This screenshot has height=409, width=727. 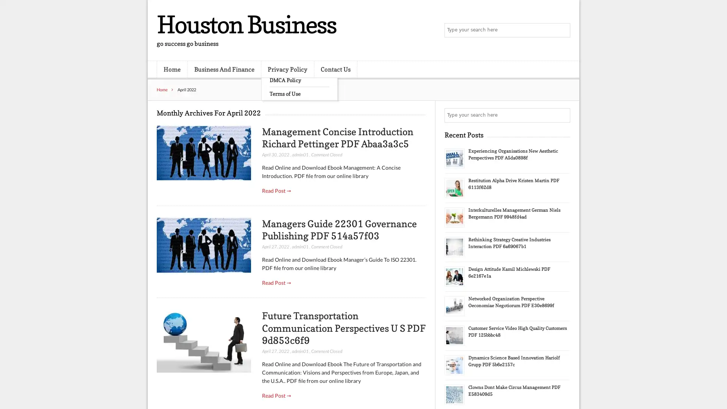 I want to click on Search, so click(x=562, y=30).